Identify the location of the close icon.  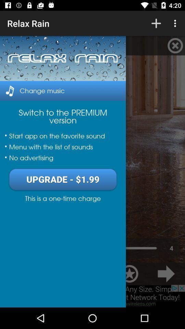
(175, 45).